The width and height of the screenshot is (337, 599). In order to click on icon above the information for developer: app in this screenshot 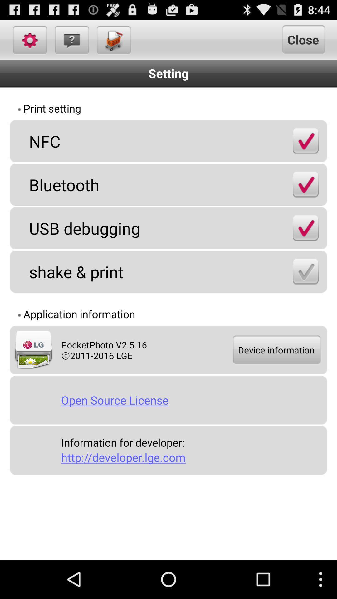, I will do `click(191, 400)`.